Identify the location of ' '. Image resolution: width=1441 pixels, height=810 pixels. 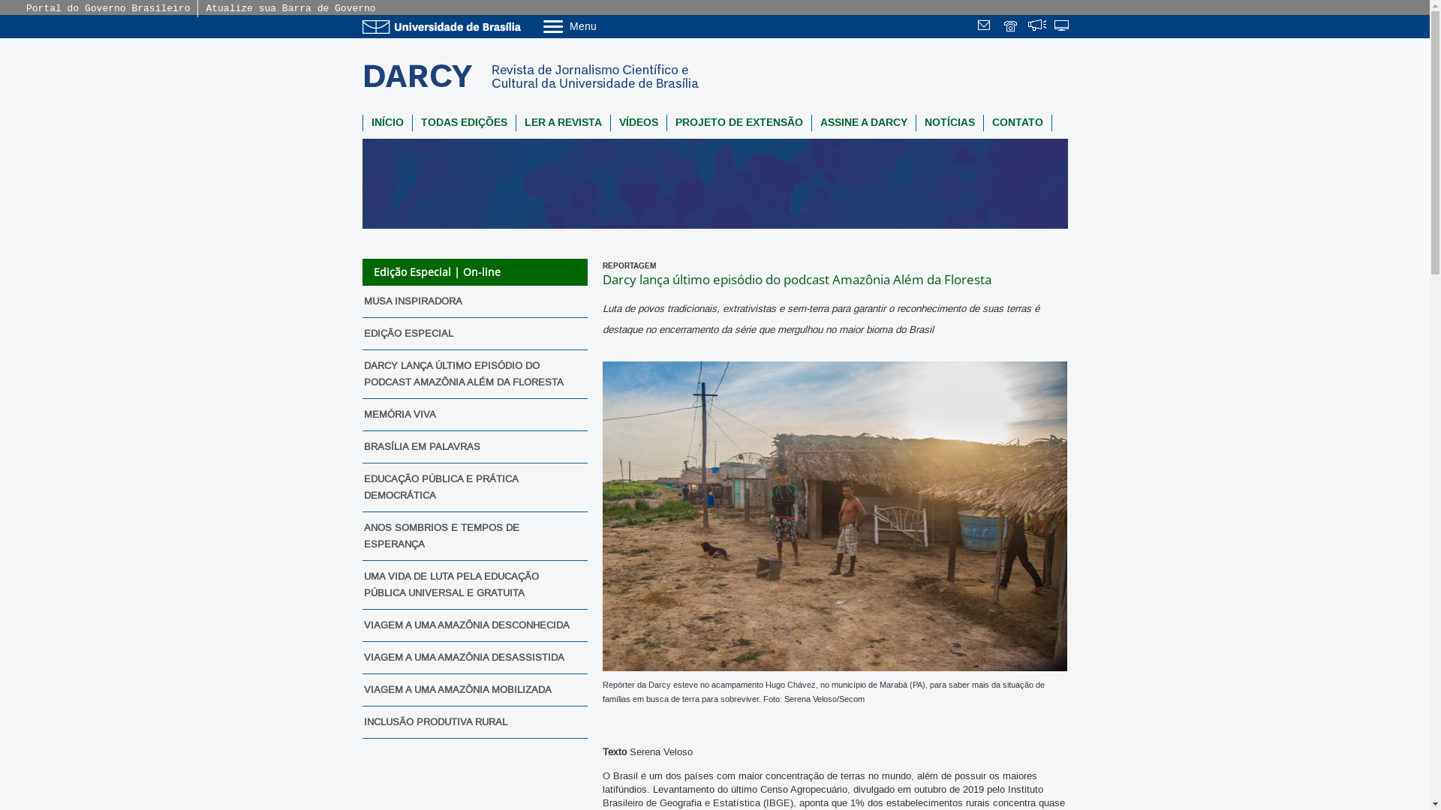
(976, 27).